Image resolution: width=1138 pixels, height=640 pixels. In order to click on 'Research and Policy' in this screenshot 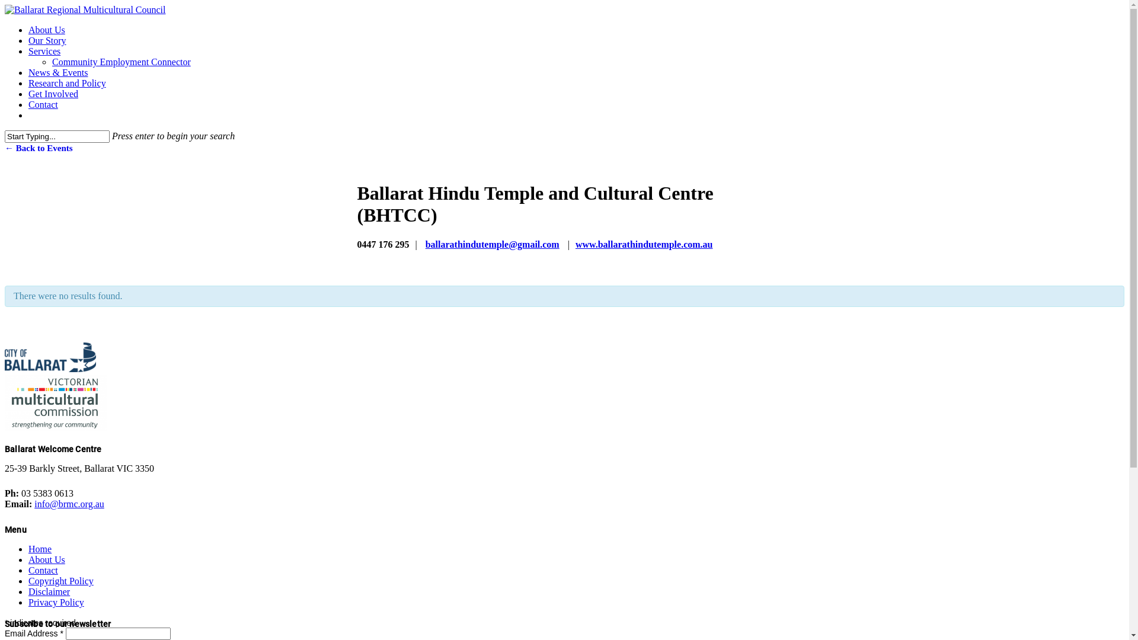, I will do `click(66, 82)`.